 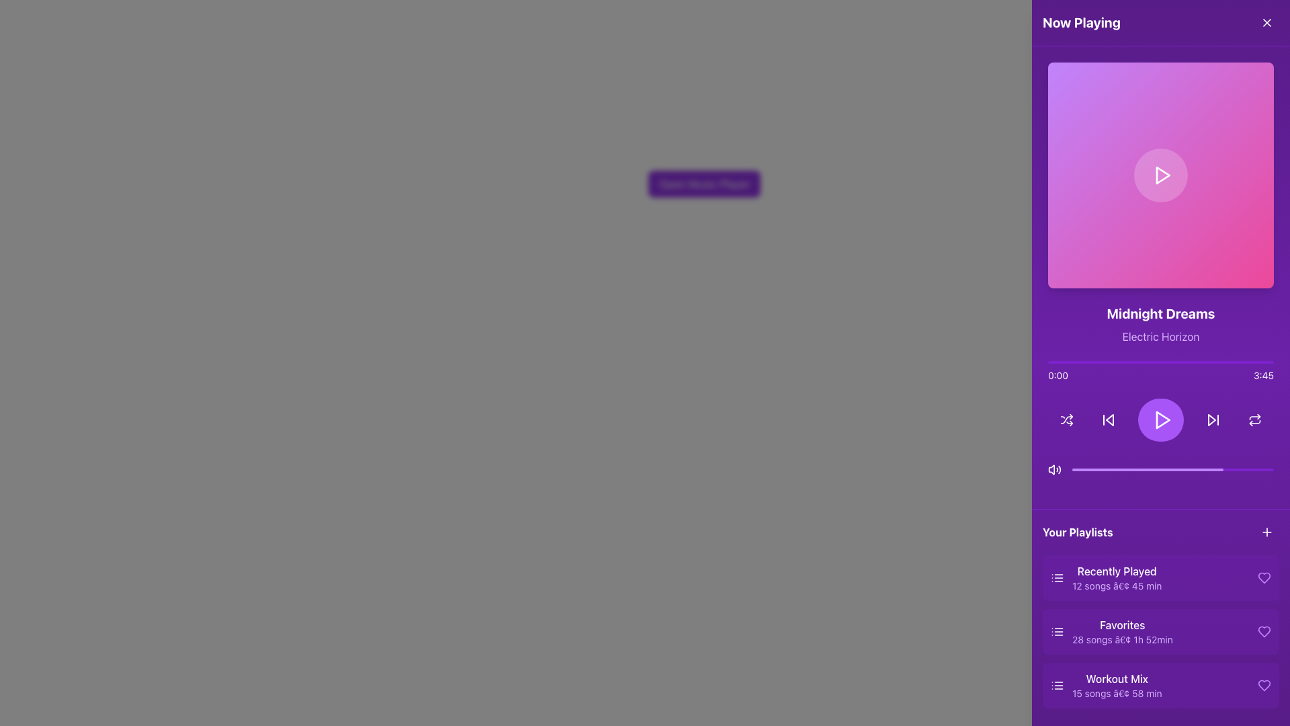 I want to click on the playback progress, so click(x=1090, y=469).